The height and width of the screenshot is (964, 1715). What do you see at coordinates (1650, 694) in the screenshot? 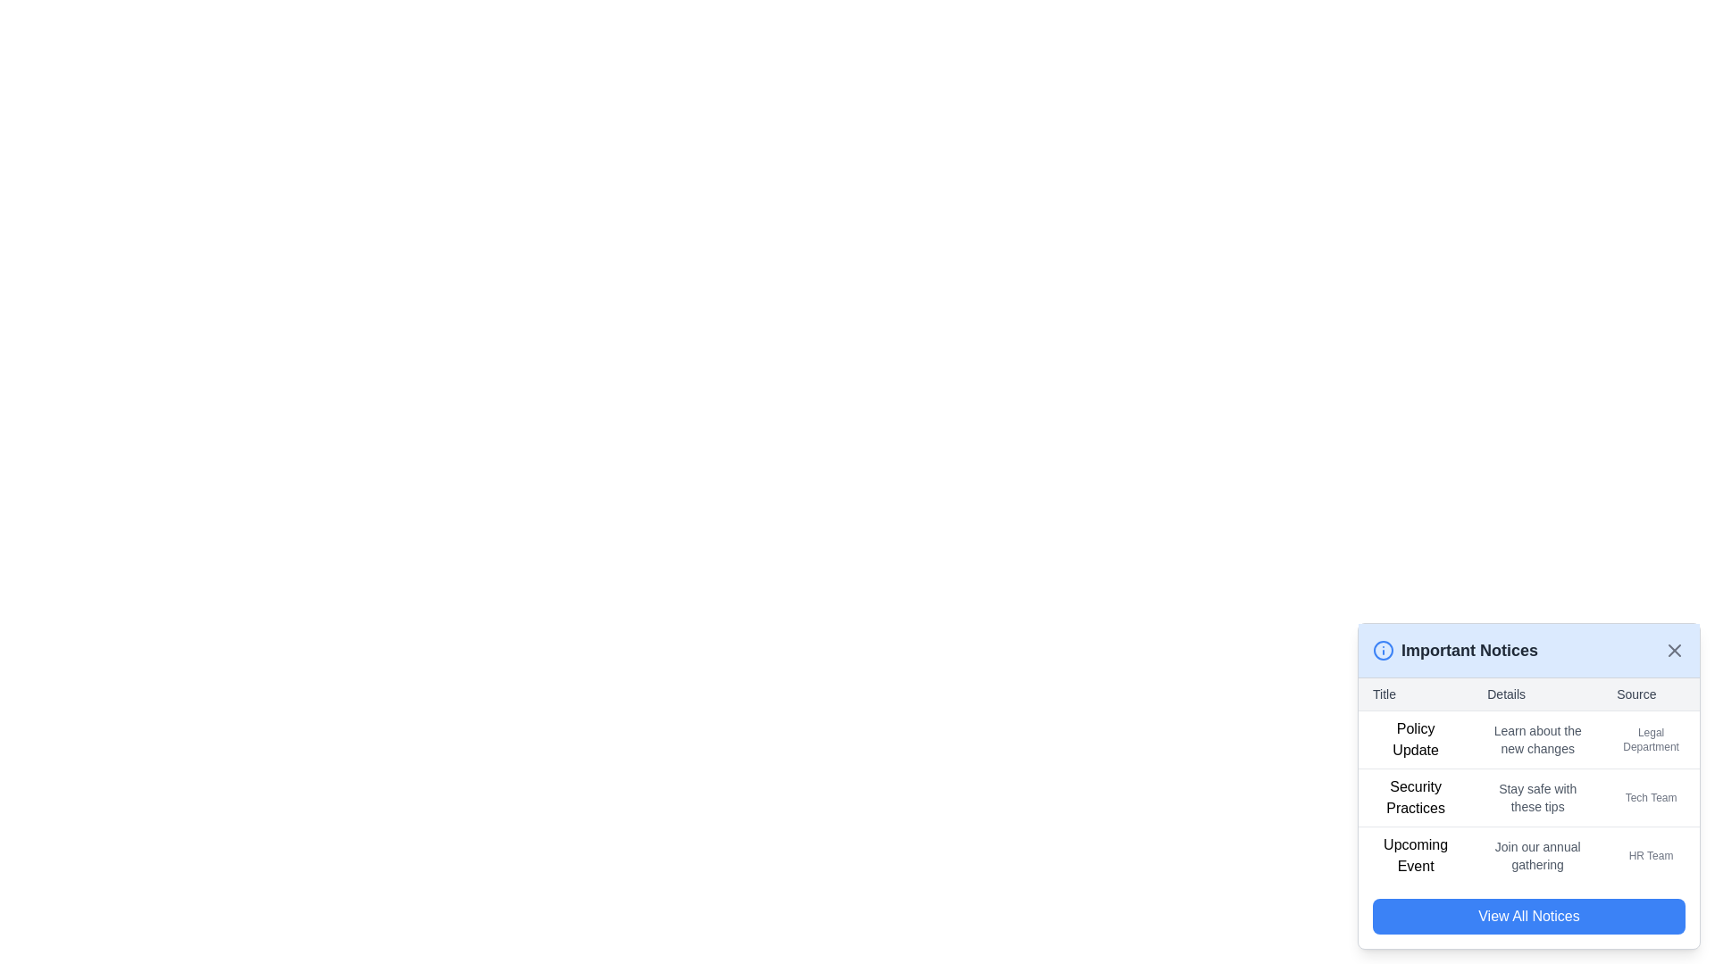
I see `text from the third column header in the table layout, which is positioned below the 'Important Notices' heading` at bounding box center [1650, 694].